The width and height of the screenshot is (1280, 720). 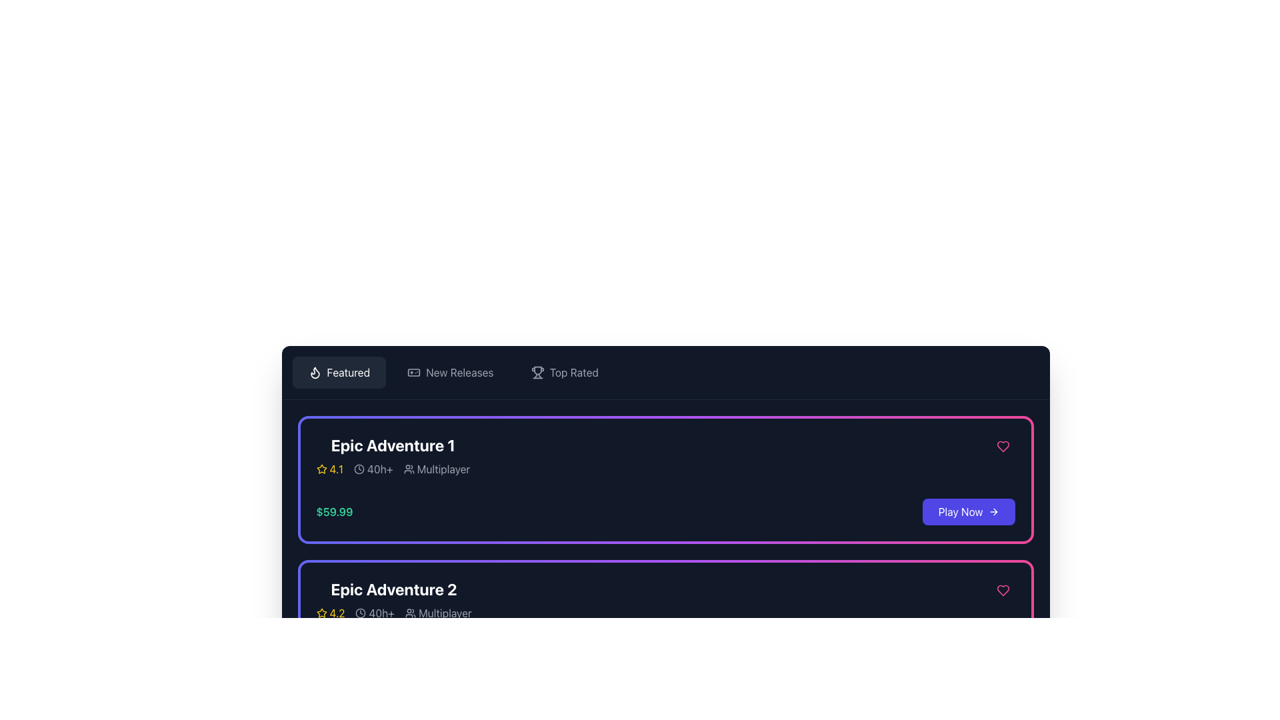 What do you see at coordinates (1003, 447) in the screenshot?
I see `the favorite button located in the top-right corner of the card for 'Epic Adventure 1'` at bounding box center [1003, 447].